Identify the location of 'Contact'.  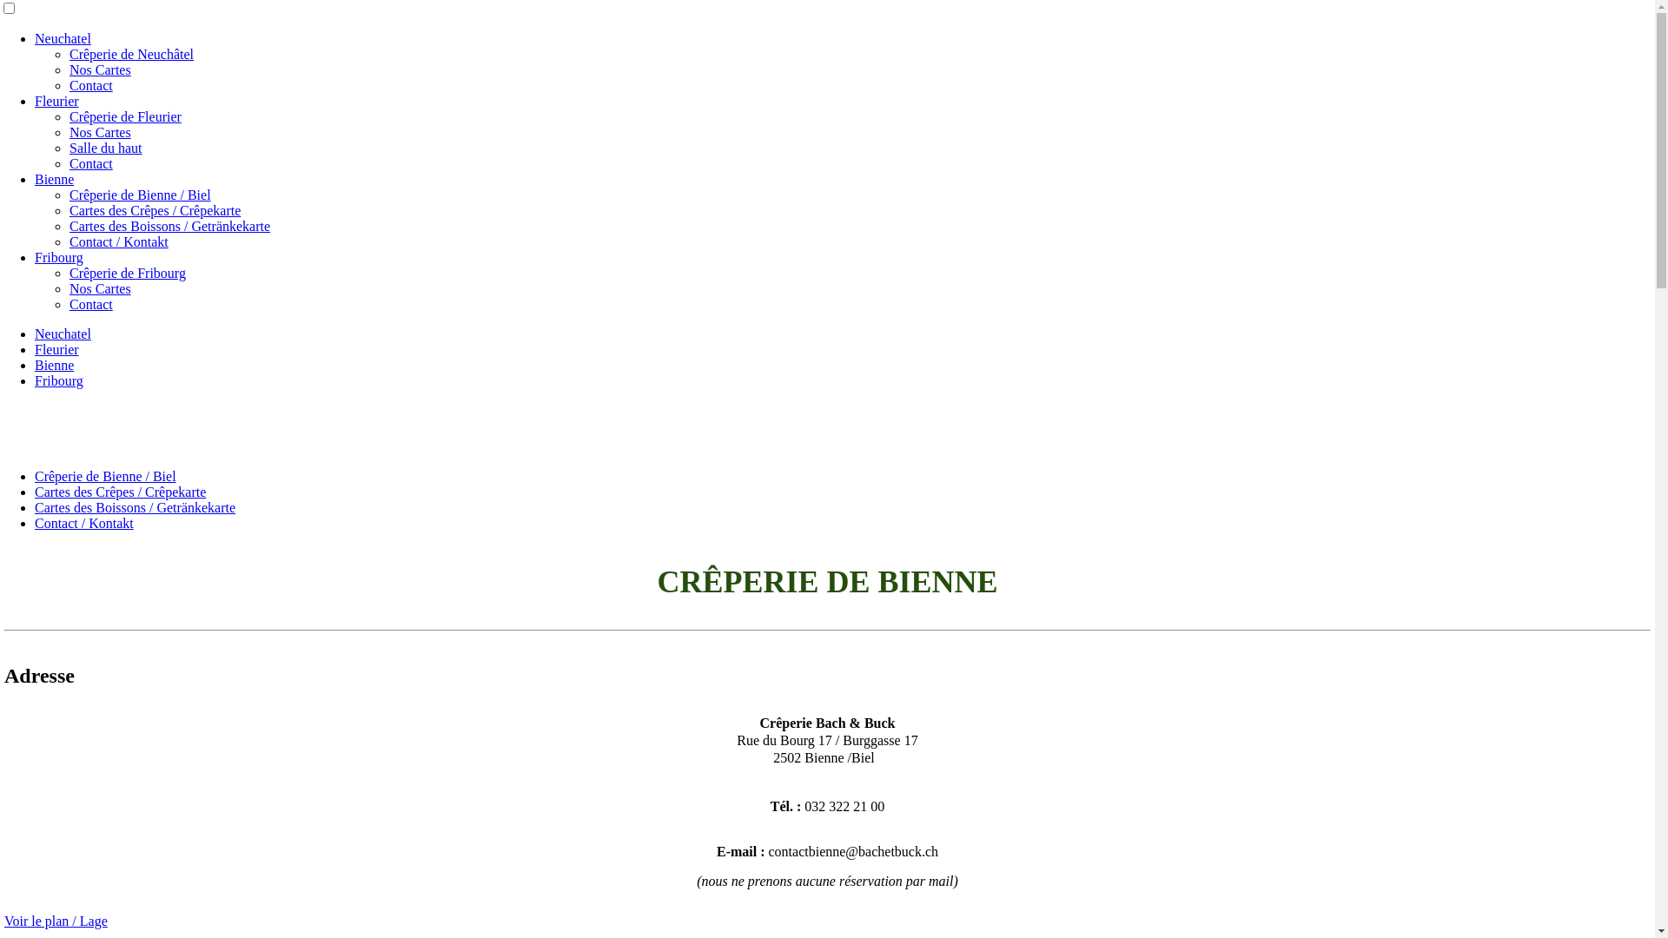
(69, 303).